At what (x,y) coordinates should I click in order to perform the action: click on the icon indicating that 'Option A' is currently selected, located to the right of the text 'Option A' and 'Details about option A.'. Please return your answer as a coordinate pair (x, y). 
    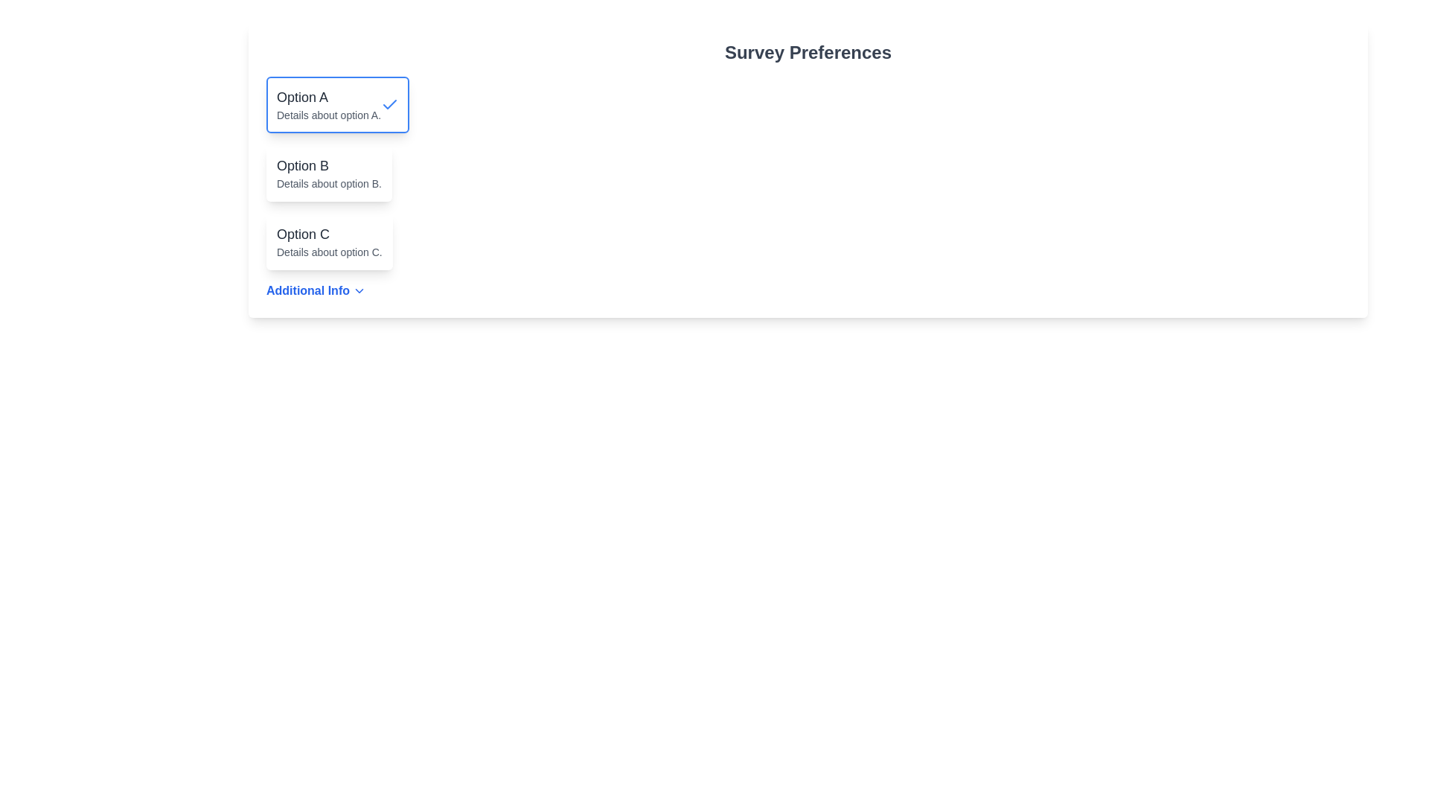
    Looking at the image, I should click on (390, 104).